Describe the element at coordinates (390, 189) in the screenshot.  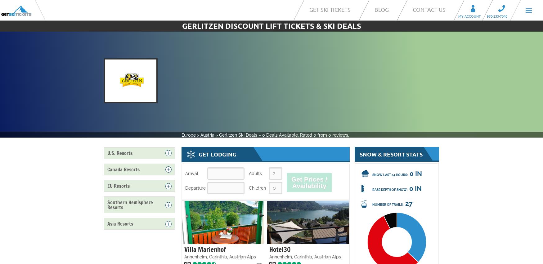
I see `'Base Depth of Snow:'` at that location.